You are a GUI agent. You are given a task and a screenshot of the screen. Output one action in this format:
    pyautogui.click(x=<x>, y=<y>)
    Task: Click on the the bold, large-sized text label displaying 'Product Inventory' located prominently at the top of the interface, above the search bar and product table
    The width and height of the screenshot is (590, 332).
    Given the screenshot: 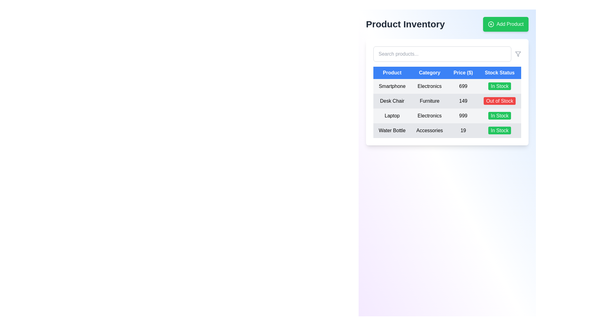 What is the action you would take?
    pyautogui.click(x=405, y=24)
    